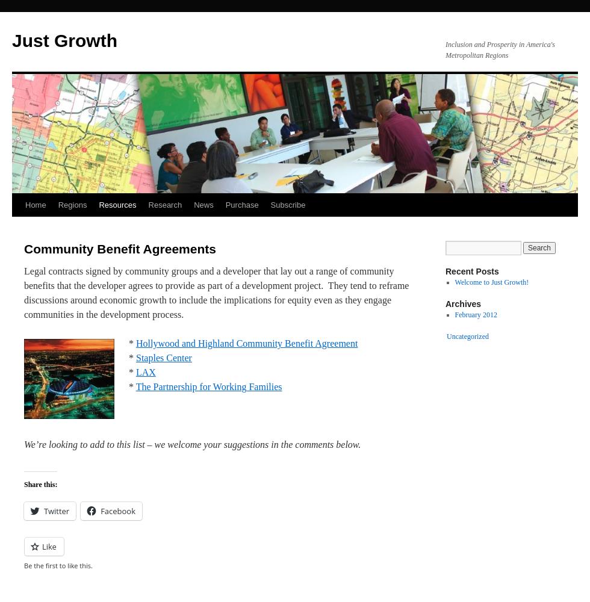  Describe the element at coordinates (216, 292) in the screenshot. I see `'Legal contracts signed by community groups and a developer that lay out a range of community benefits that the developer agrees to provide as part of a development project.  They tend to reframe discussions around economic growth to include the implications for equity even as they engage communities in the development process.'` at that location.